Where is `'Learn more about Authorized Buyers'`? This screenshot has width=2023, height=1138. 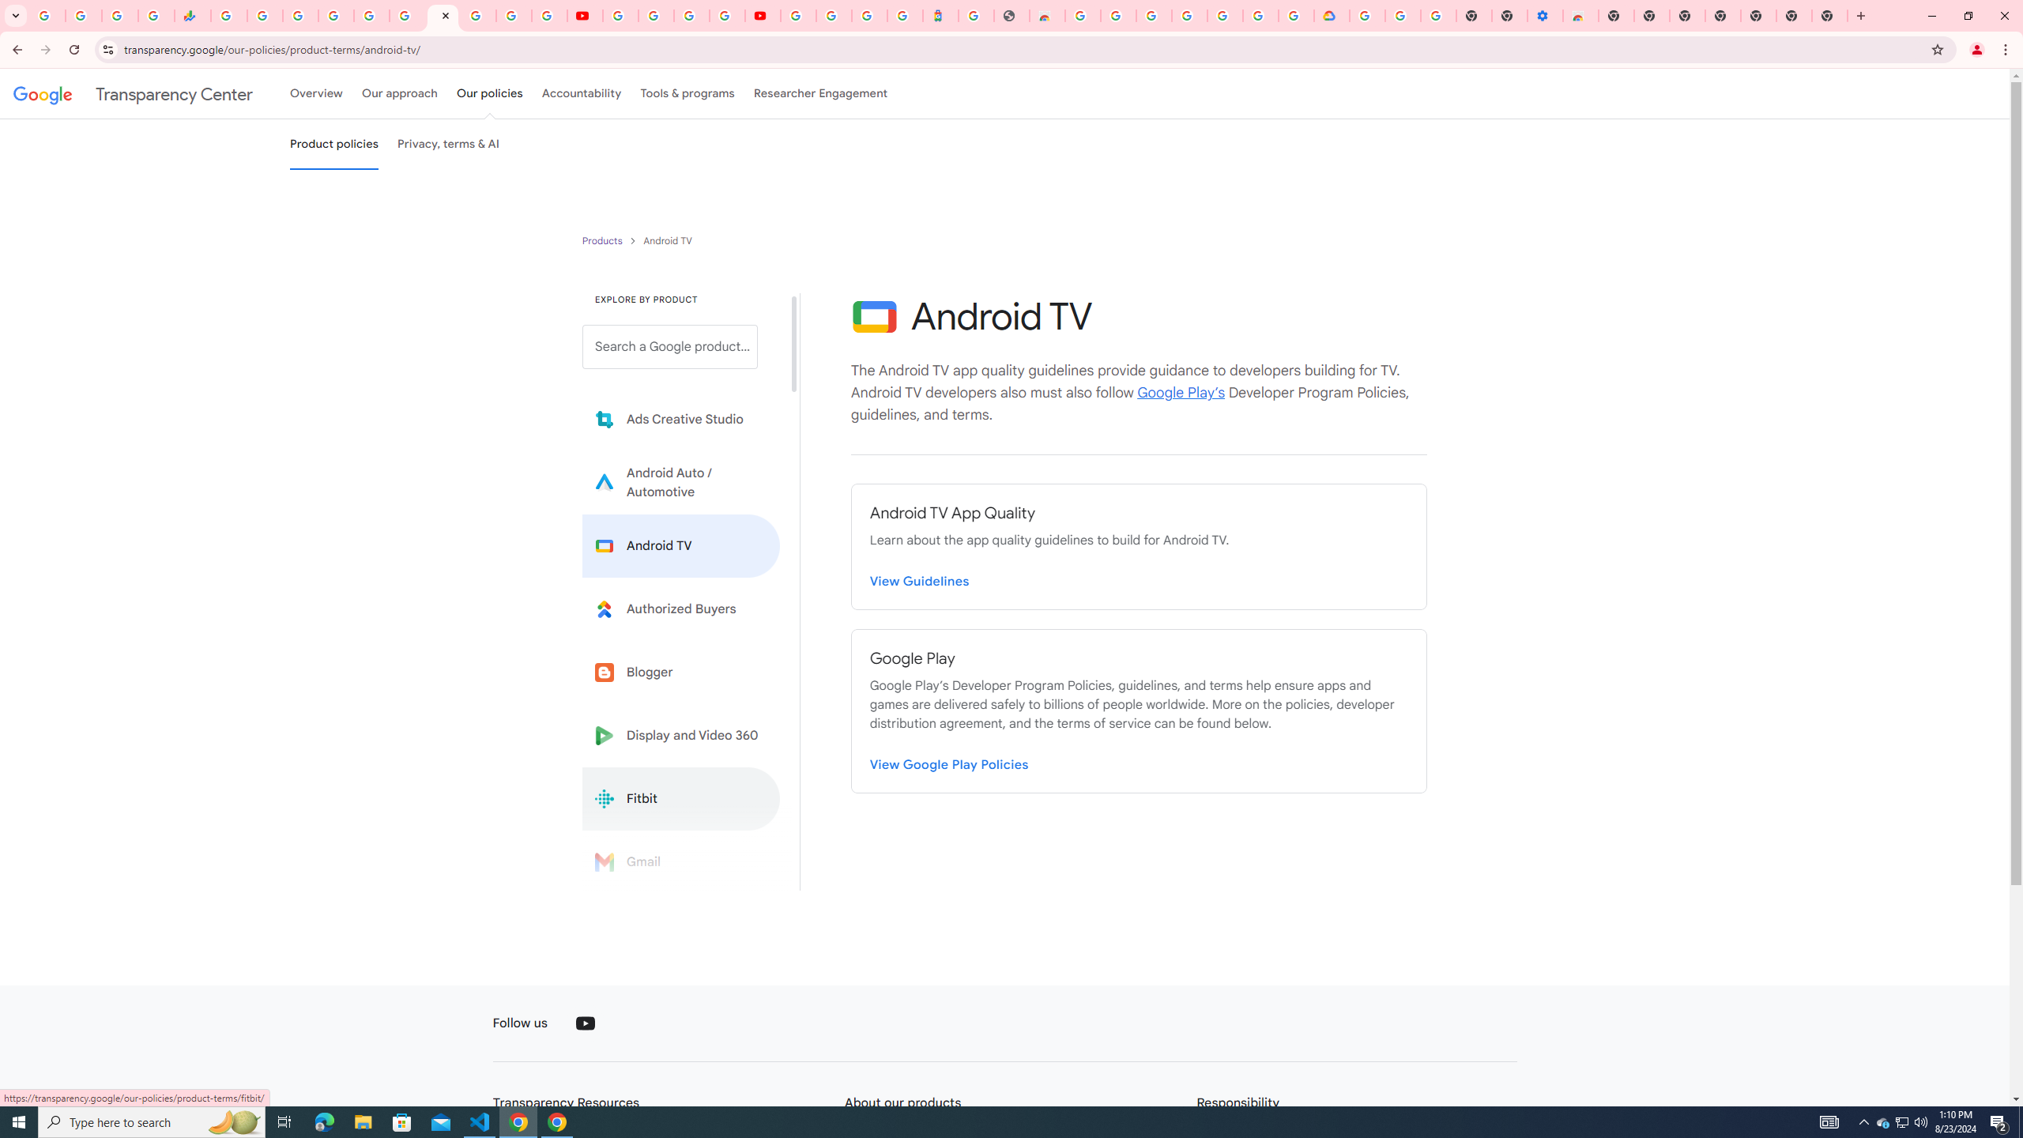 'Learn more about Authorized Buyers' is located at coordinates (680, 609).